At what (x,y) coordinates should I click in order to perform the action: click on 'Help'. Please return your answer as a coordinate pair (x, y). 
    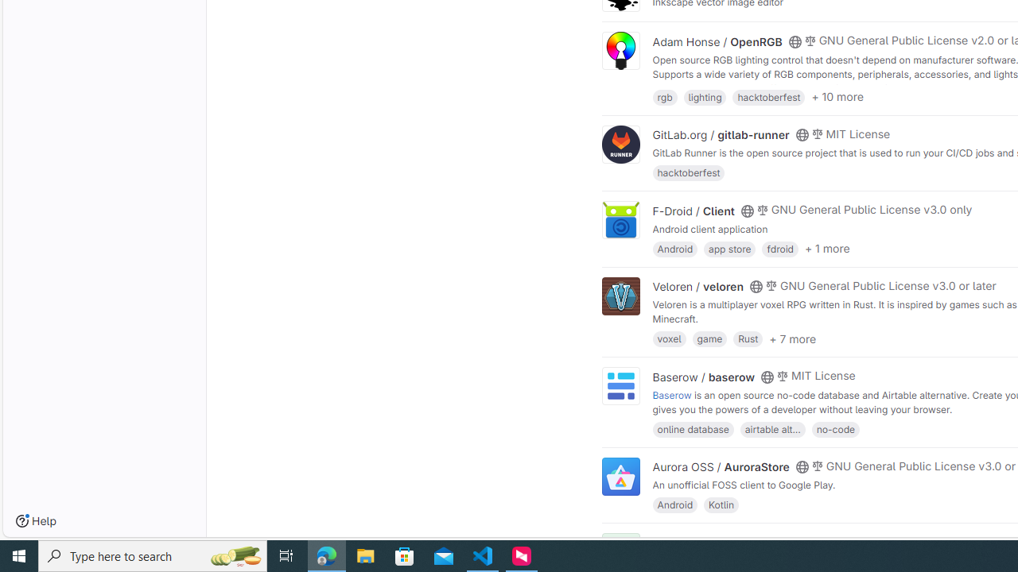
    Looking at the image, I should click on (36, 520).